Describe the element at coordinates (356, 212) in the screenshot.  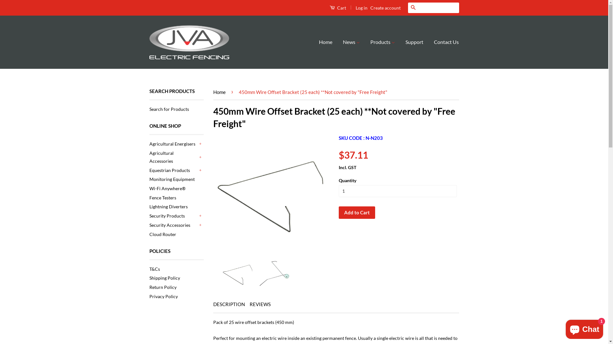
I see `'Add to Cart'` at that location.